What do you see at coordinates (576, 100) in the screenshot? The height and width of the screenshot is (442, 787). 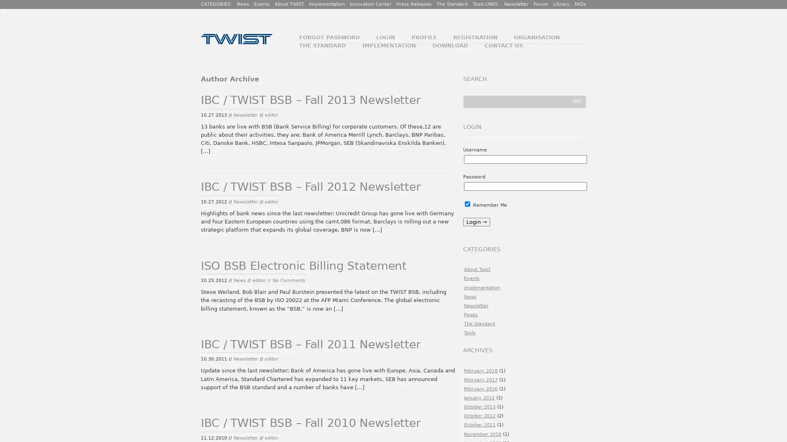 I see `GO` at bounding box center [576, 100].